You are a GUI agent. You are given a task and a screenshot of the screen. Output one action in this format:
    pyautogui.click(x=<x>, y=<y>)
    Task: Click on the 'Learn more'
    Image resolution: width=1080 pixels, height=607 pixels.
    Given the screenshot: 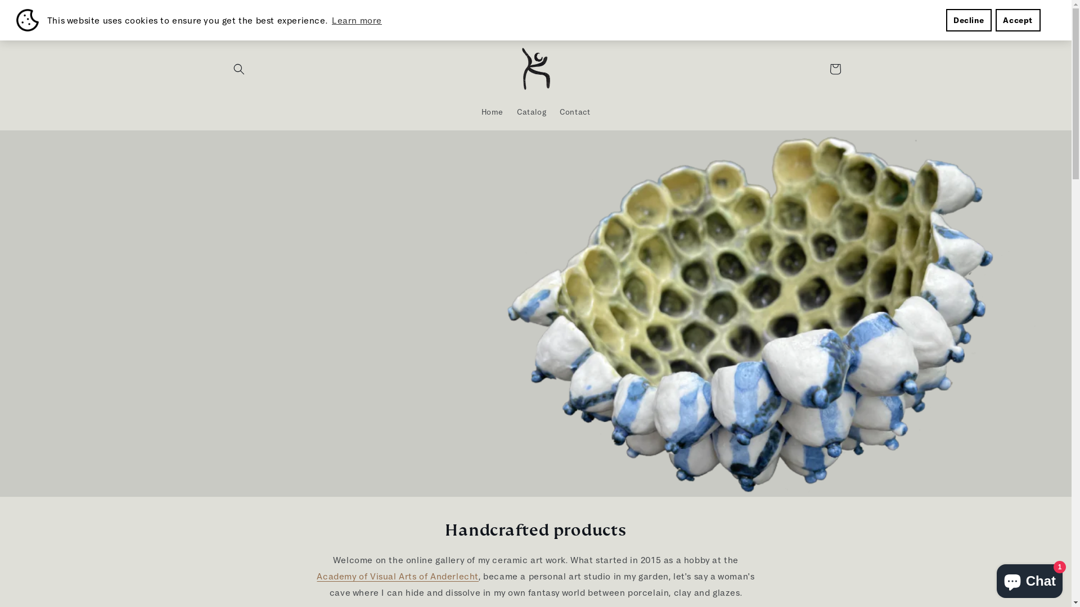 What is the action you would take?
    pyautogui.click(x=329, y=20)
    